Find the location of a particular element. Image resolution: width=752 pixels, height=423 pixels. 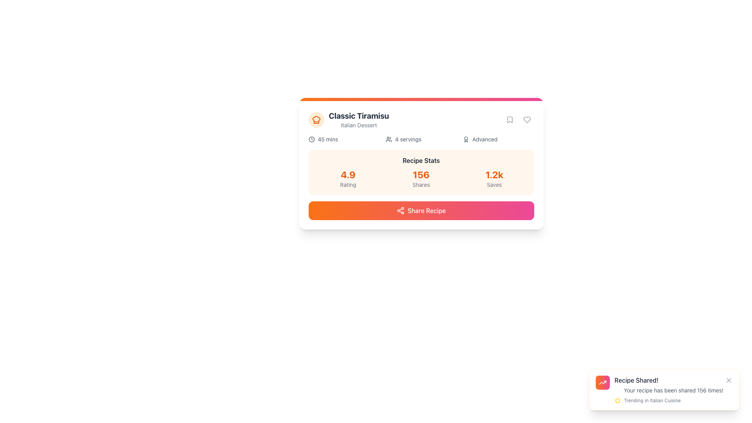

the text label displaying '4 servings', which is styled in gray and located to the right of a group icon in the recipe details section is located at coordinates (408, 139).